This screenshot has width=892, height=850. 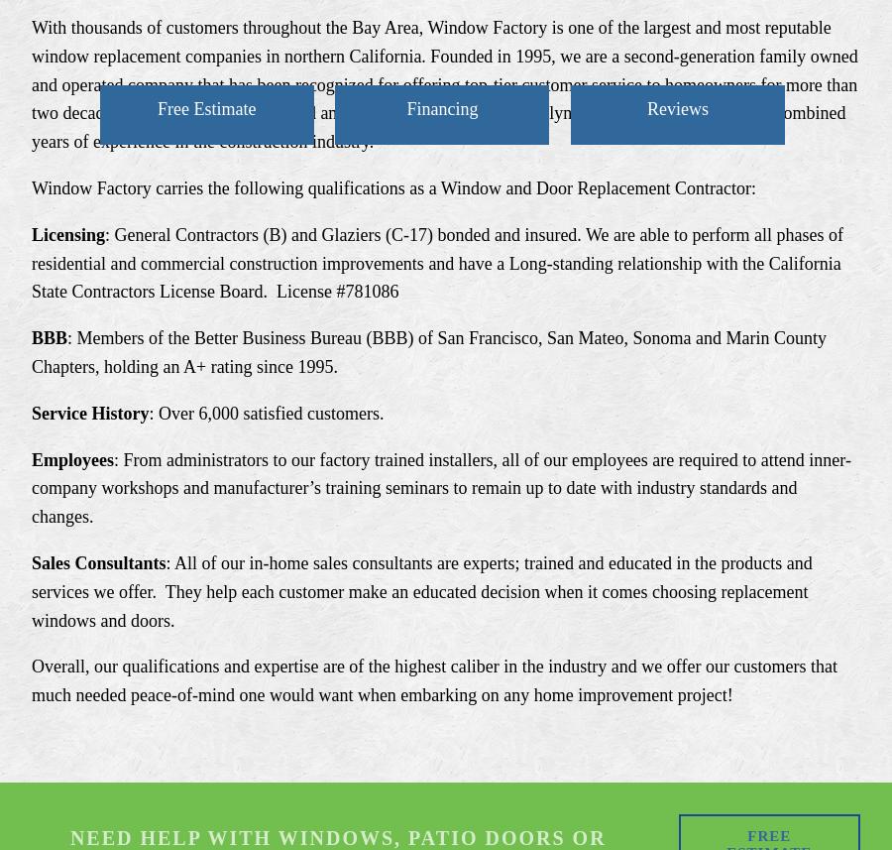 What do you see at coordinates (439, 262) in the screenshot?
I see `': General Contractors (B) and Glaziers (C-17) bonded and insured. We are able to perform all phases of residential and commercial construction improvements and have a Long-standing relationship with the California State Contractors License Board.  License #781086'` at bounding box center [439, 262].